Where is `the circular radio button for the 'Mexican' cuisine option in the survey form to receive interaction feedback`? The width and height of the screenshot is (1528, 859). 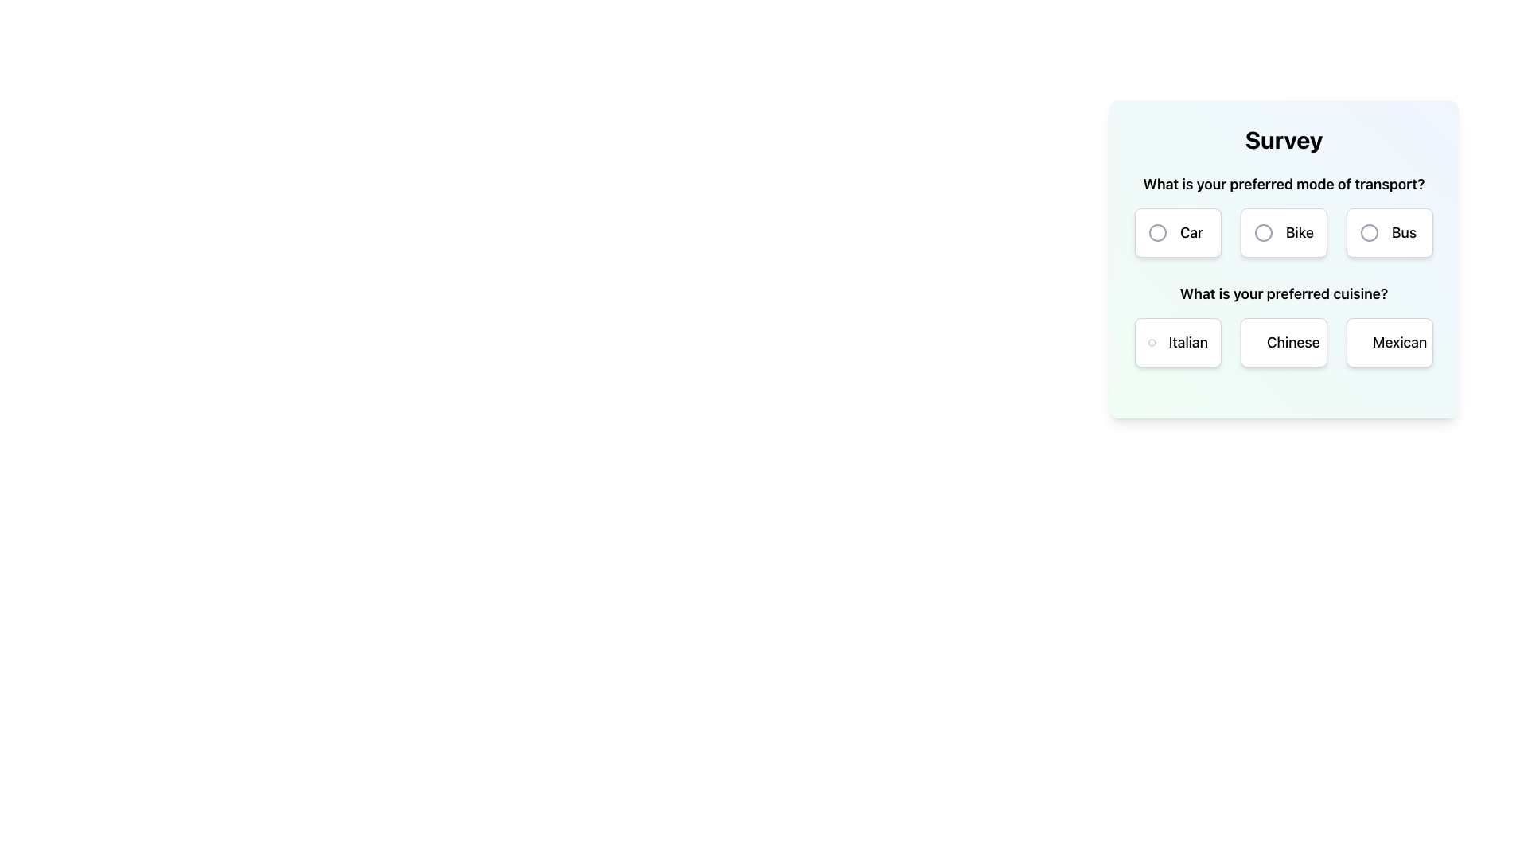 the circular radio button for the 'Mexican' cuisine option in the survey form to receive interaction feedback is located at coordinates (1369, 342).